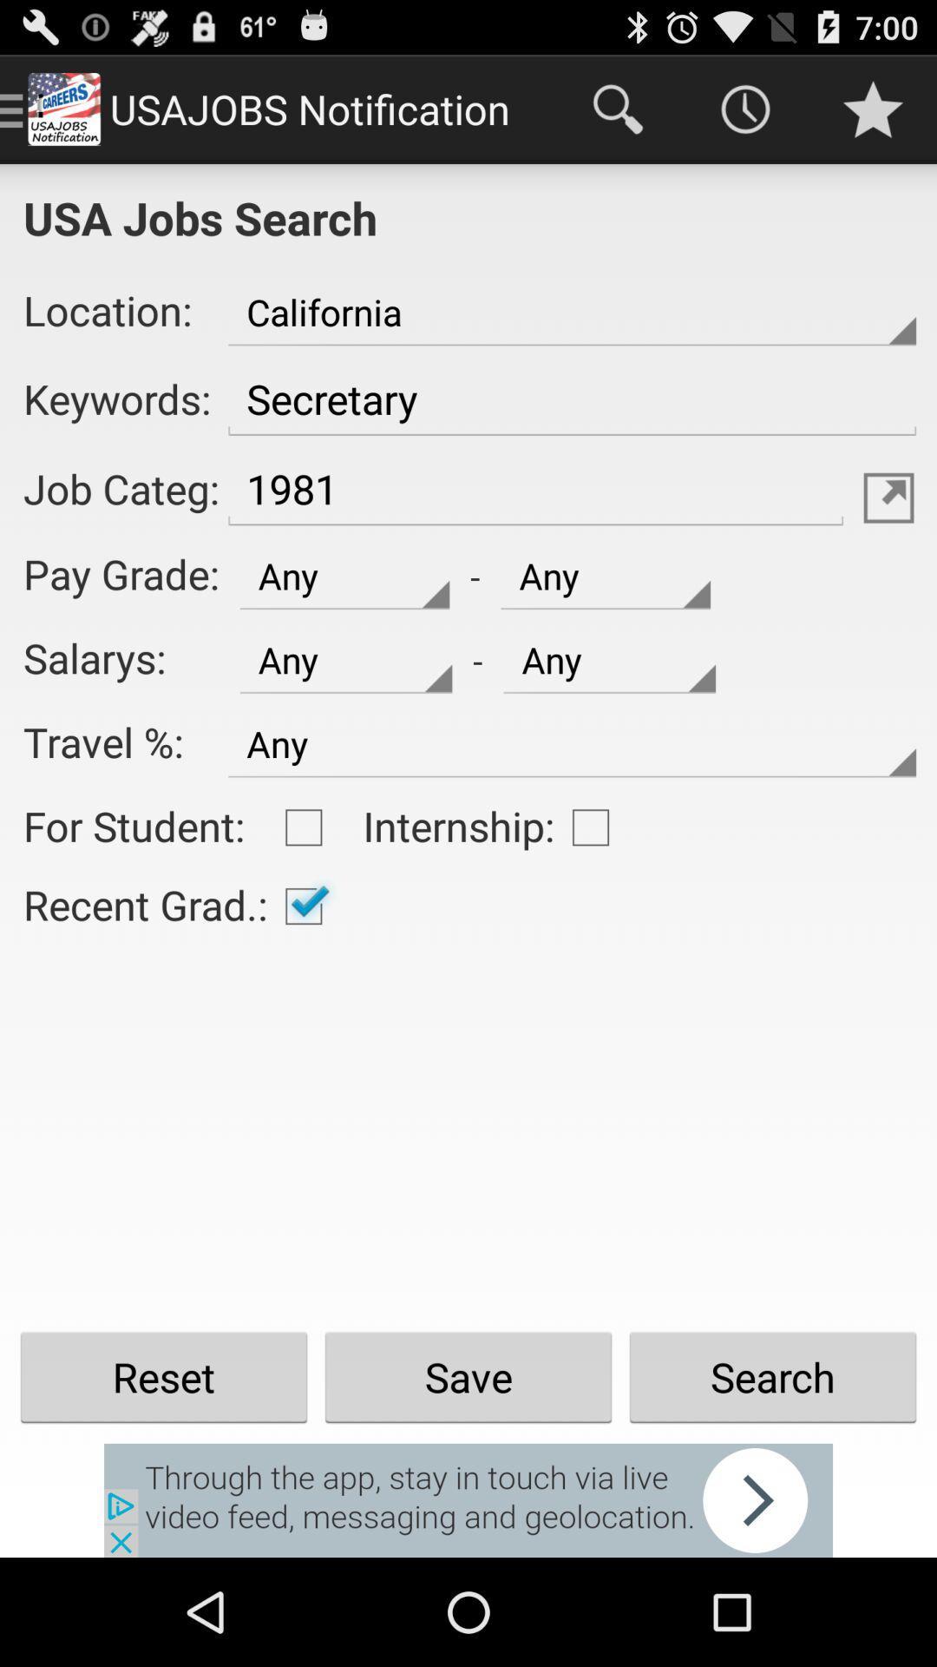  What do you see at coordinates (303, 827) in the screenshot?
I see `radio button for indicating if your a student` at bounding box center [303, 827].